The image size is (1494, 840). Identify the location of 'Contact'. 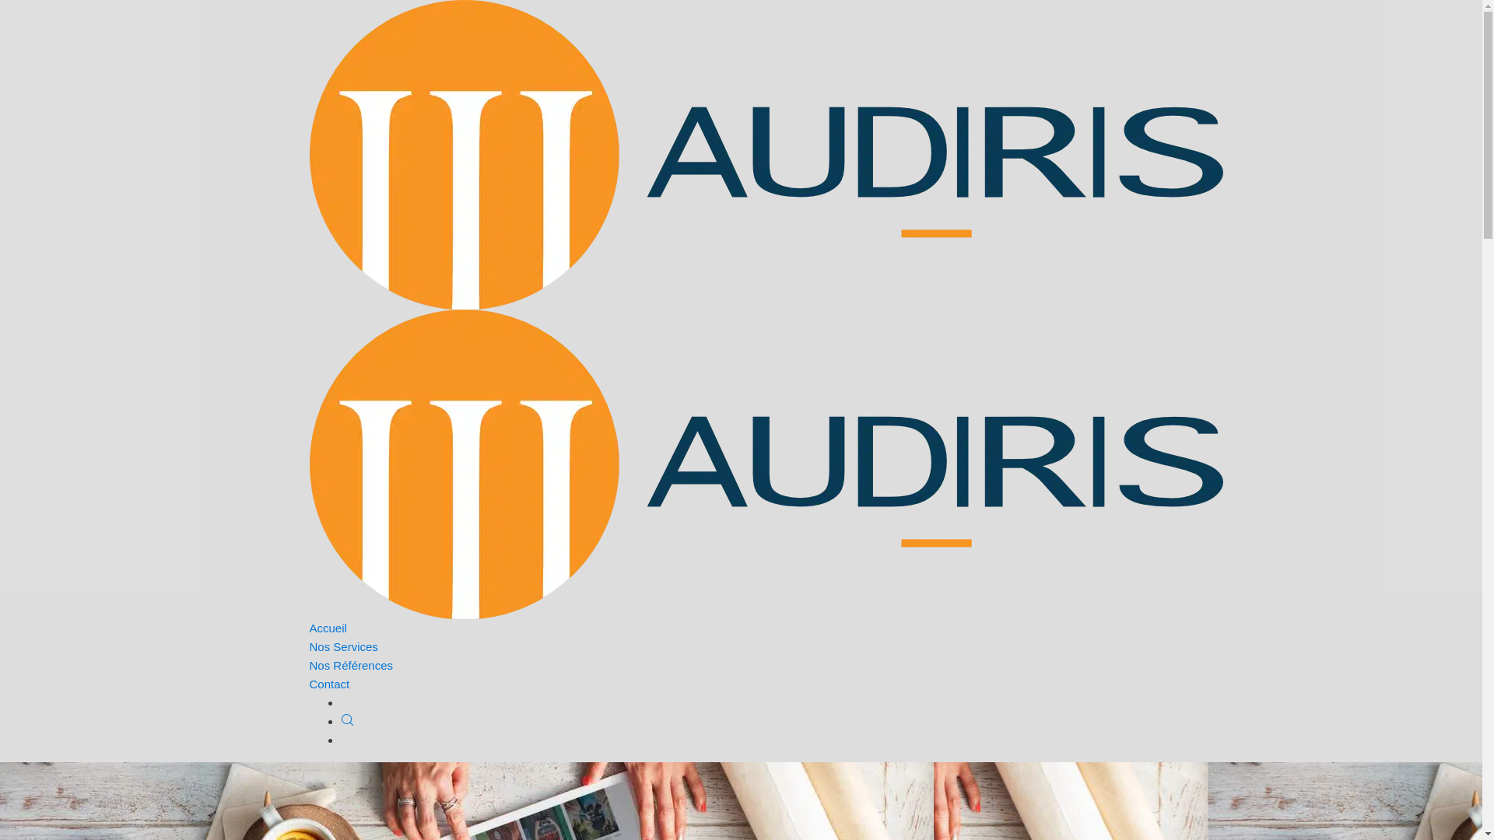
(328, 683).